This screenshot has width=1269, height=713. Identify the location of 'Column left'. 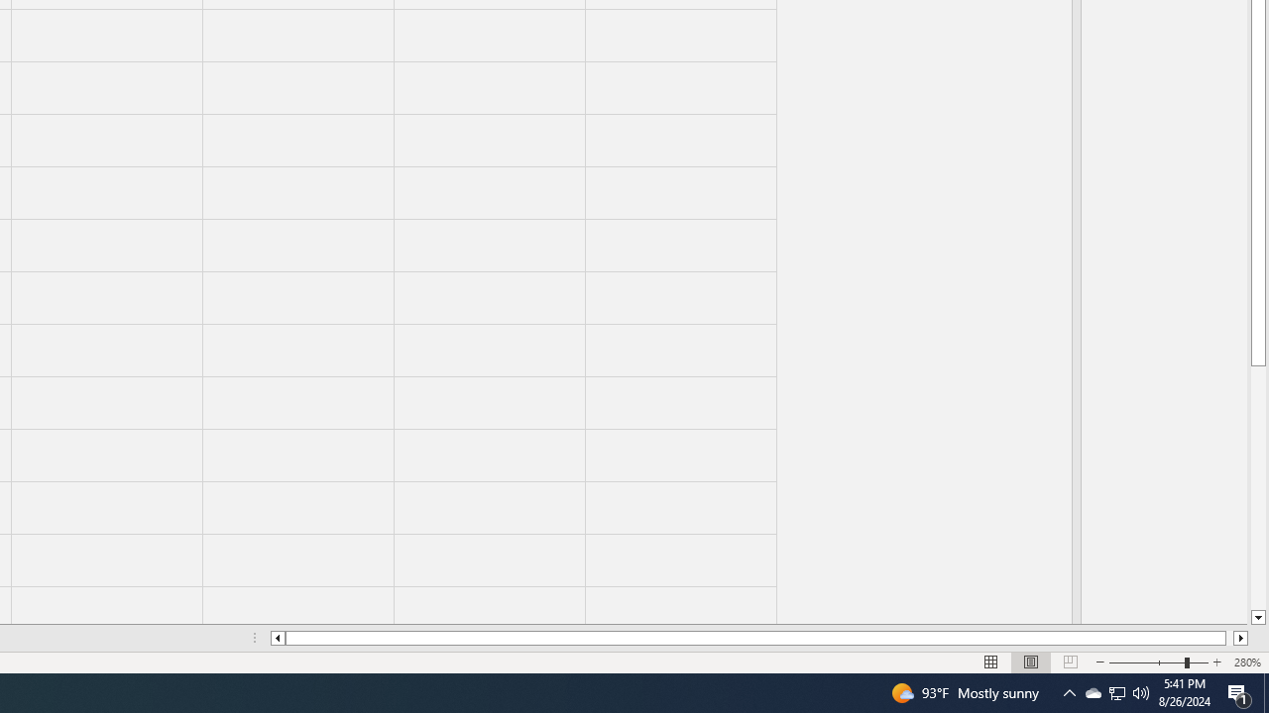
(276, 638).